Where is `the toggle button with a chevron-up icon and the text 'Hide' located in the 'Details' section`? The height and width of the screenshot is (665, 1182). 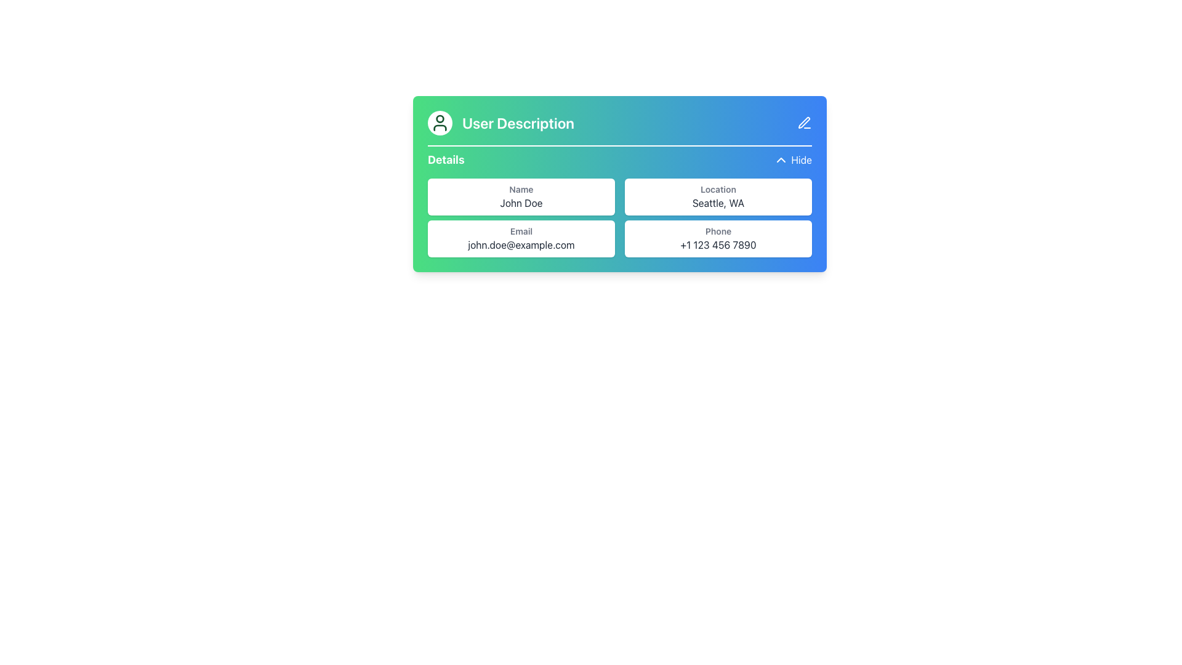
the toggle button with a chevron-up icon and the text 'Hide' located in the 'Details' section is located at coordinates (792, 159).